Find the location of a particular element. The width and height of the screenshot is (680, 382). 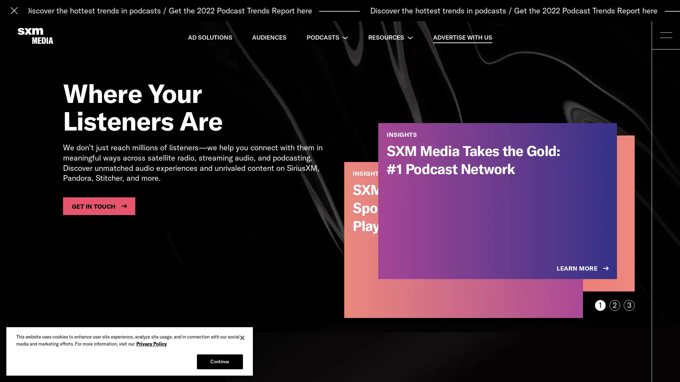

Close is located at coordinates (242, 337).